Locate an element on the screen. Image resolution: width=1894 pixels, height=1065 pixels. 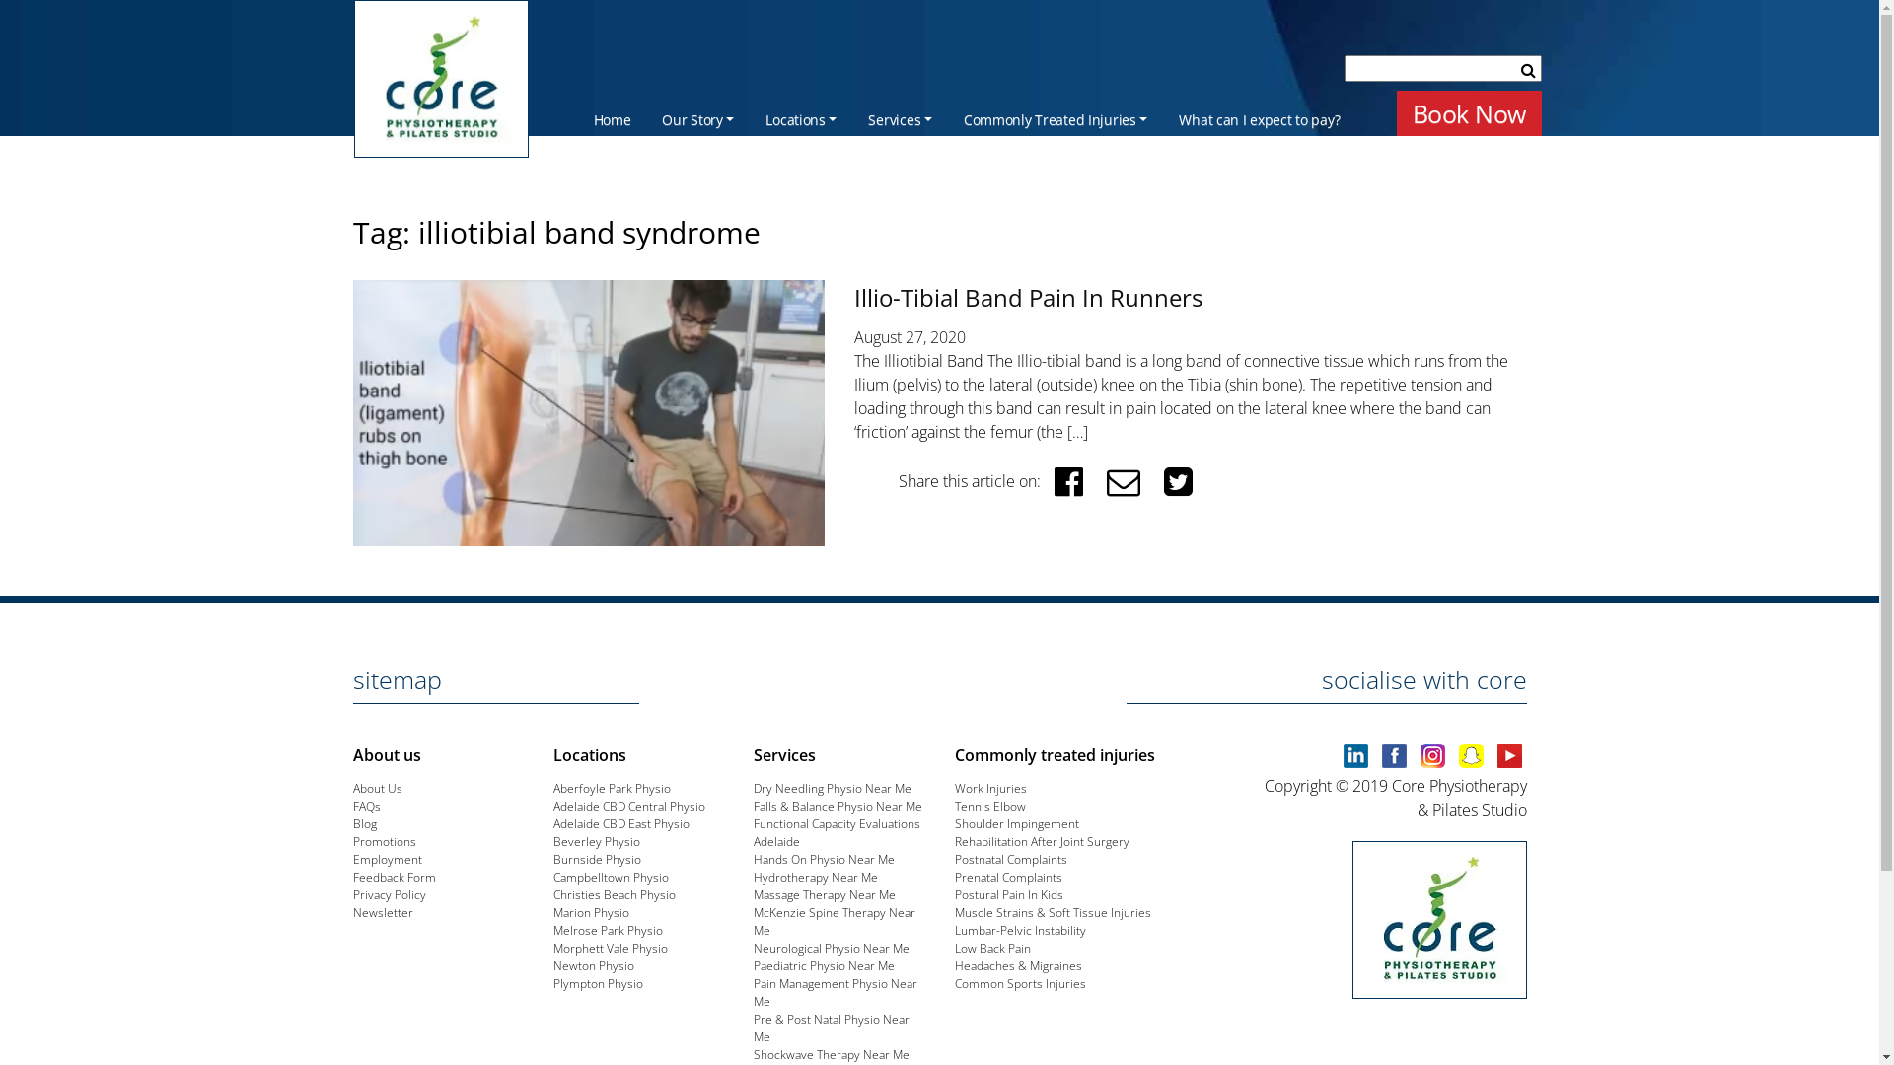
'What can I expect to pay?' is located at coordinates (1258, 118).